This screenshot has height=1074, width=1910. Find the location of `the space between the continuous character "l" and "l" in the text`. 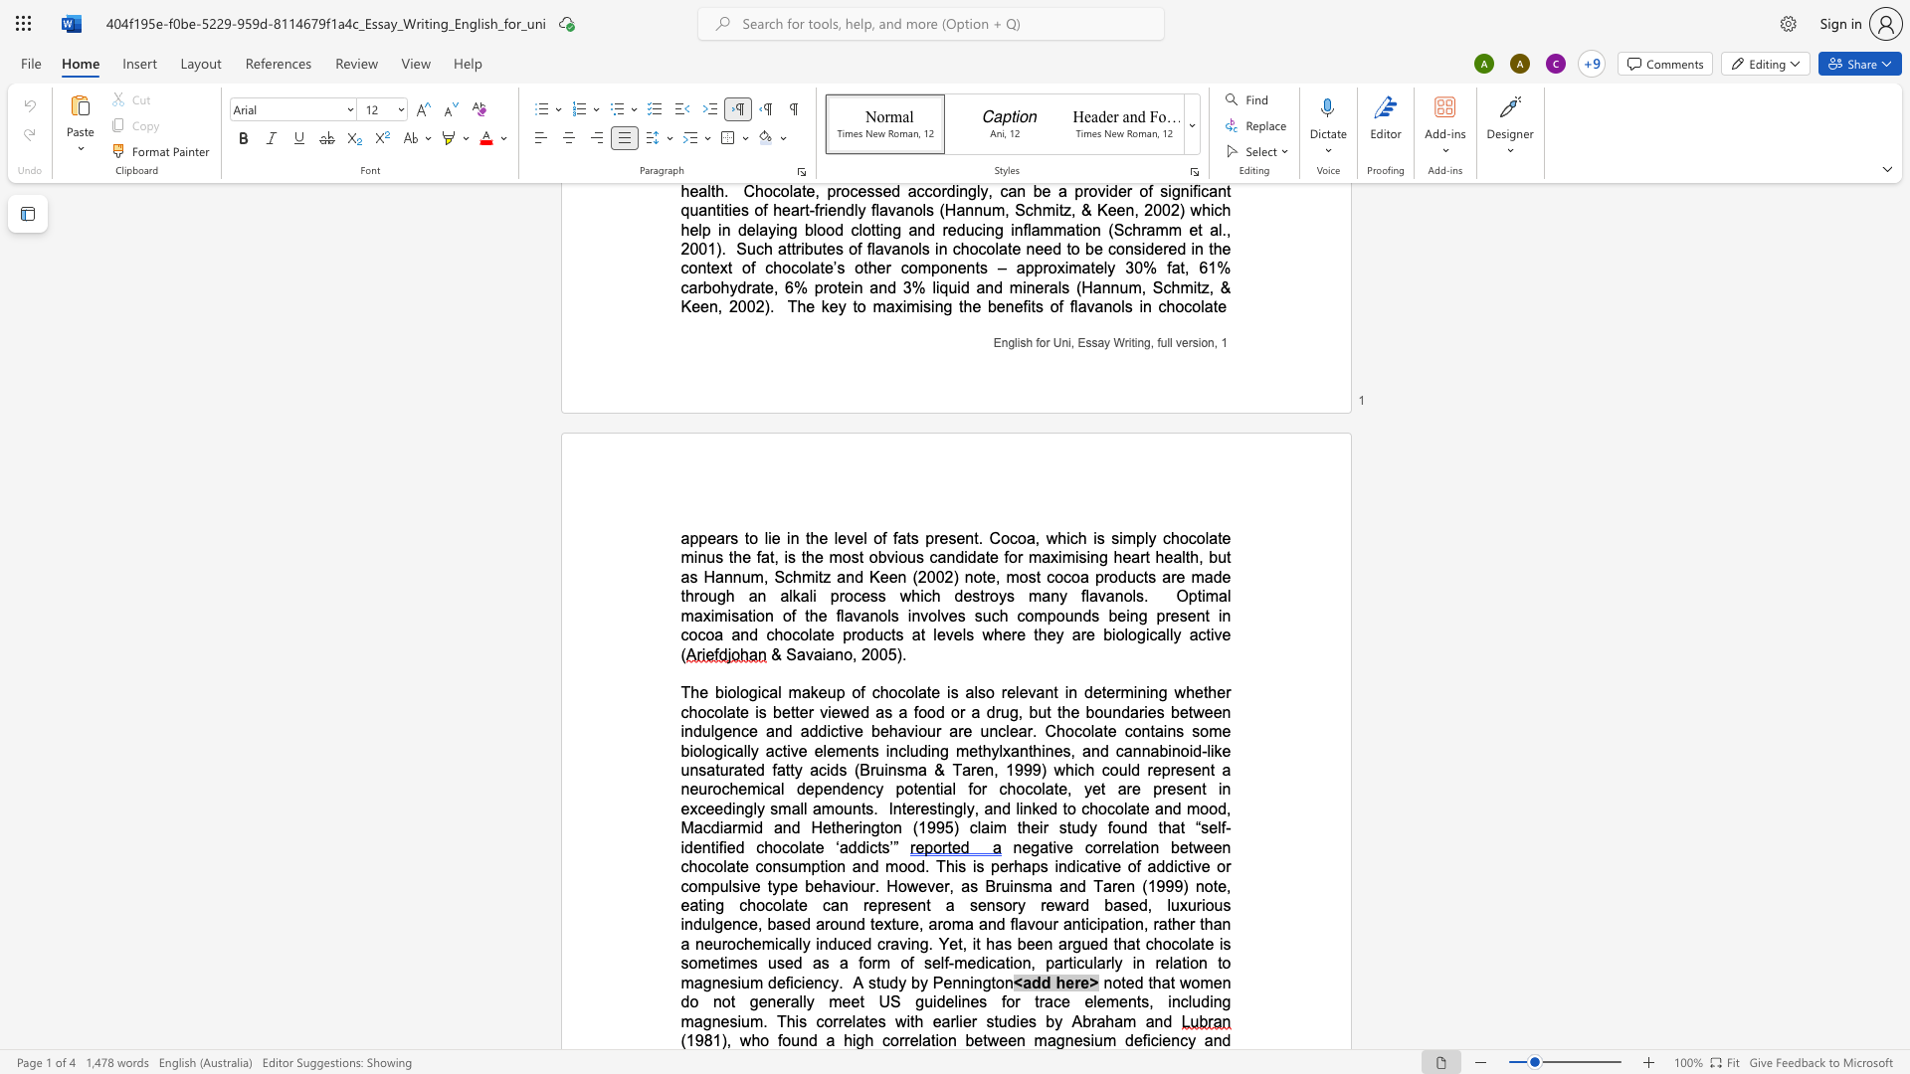

the space between the continuous character "l" and "l" in the text is located at coordinates (1170, 341).